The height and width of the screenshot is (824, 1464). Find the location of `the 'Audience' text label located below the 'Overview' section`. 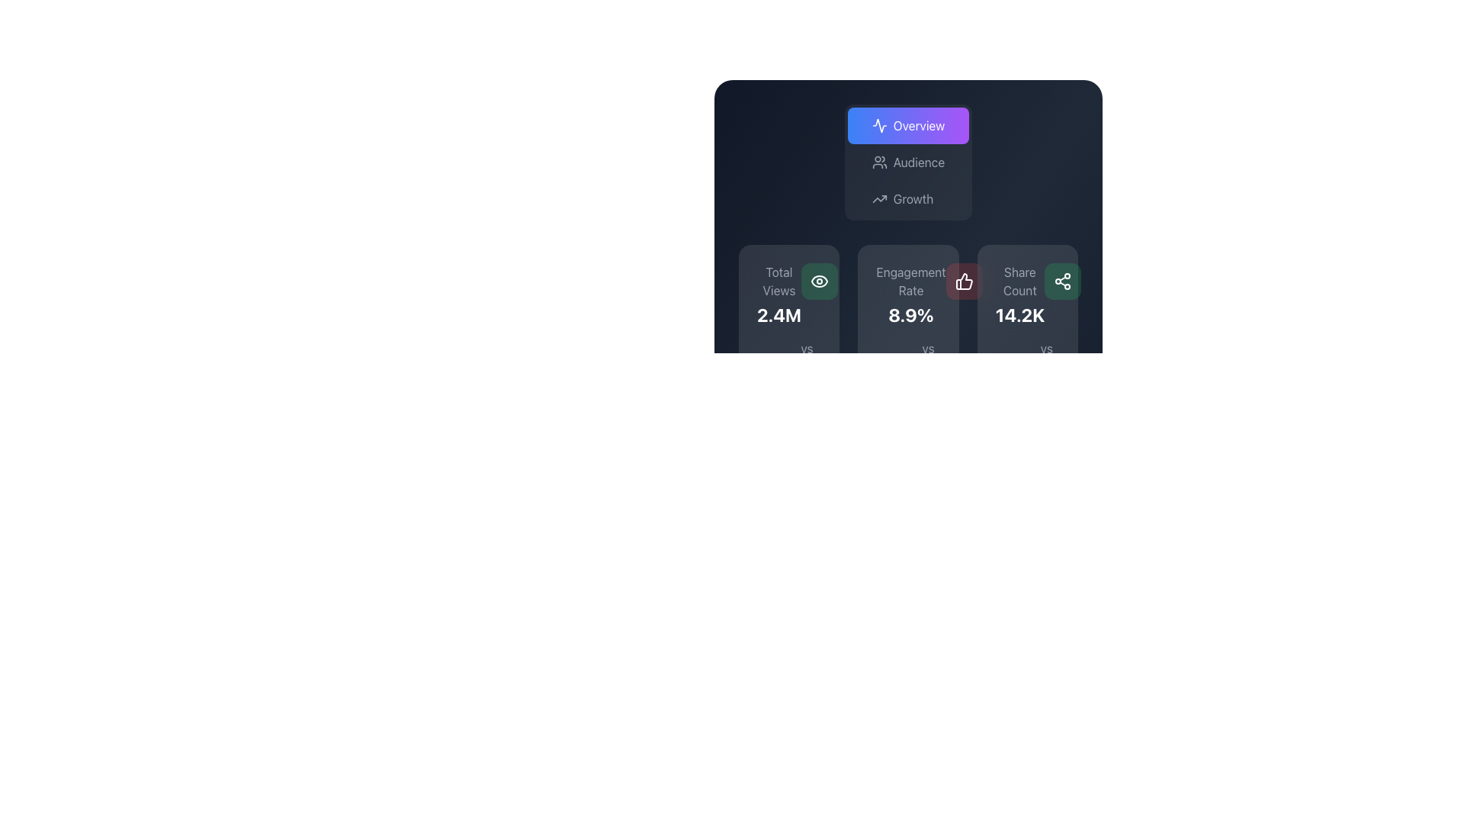

the 'Audience' text label located below the 'Overview' section is located at coordinates (918, 162).